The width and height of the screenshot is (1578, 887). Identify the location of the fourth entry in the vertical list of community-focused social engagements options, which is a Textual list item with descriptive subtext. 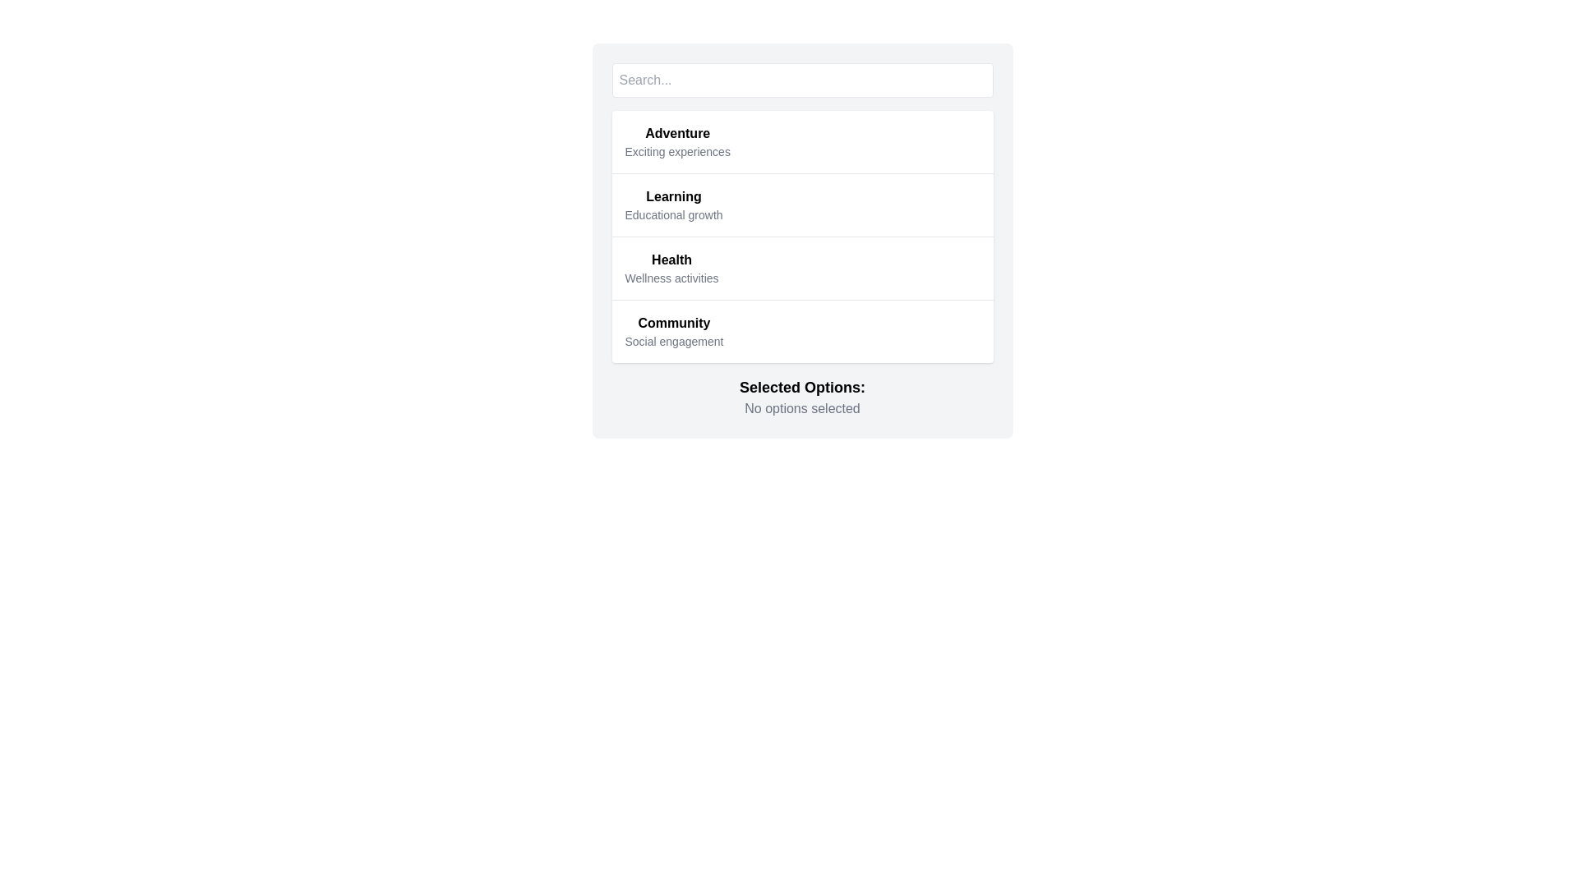
(674, 332).